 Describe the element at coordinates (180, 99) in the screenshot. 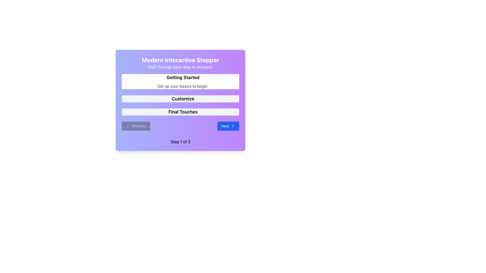

I see `the 'Customize' text label within the graphical step progression interface, which is the second item in the list and features bold black text on a light gray background` at that location.